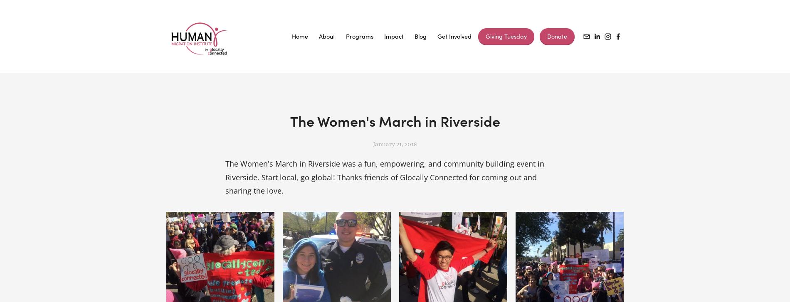 This screenshot has height=302, width=790. I want to click on 'Home', so click(299, 36).